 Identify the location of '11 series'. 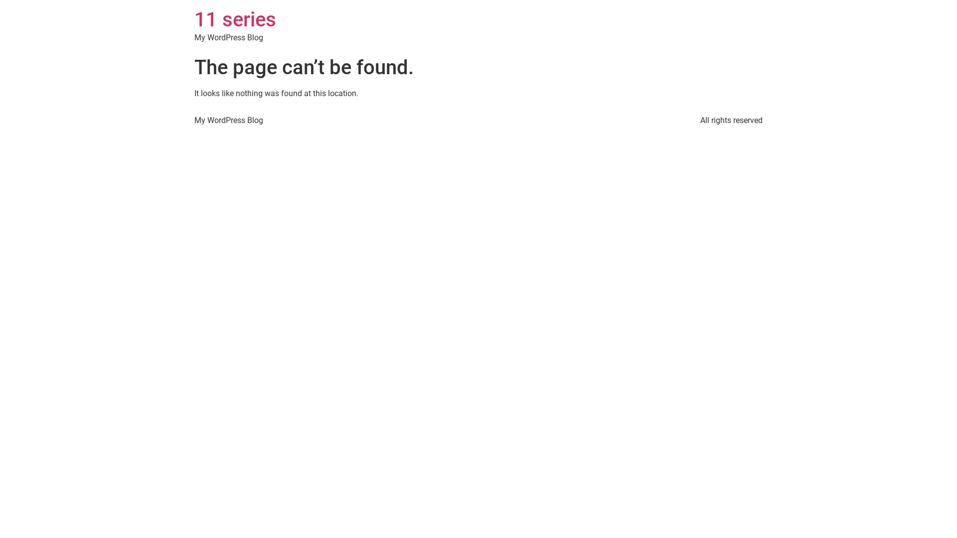
(194, 19).